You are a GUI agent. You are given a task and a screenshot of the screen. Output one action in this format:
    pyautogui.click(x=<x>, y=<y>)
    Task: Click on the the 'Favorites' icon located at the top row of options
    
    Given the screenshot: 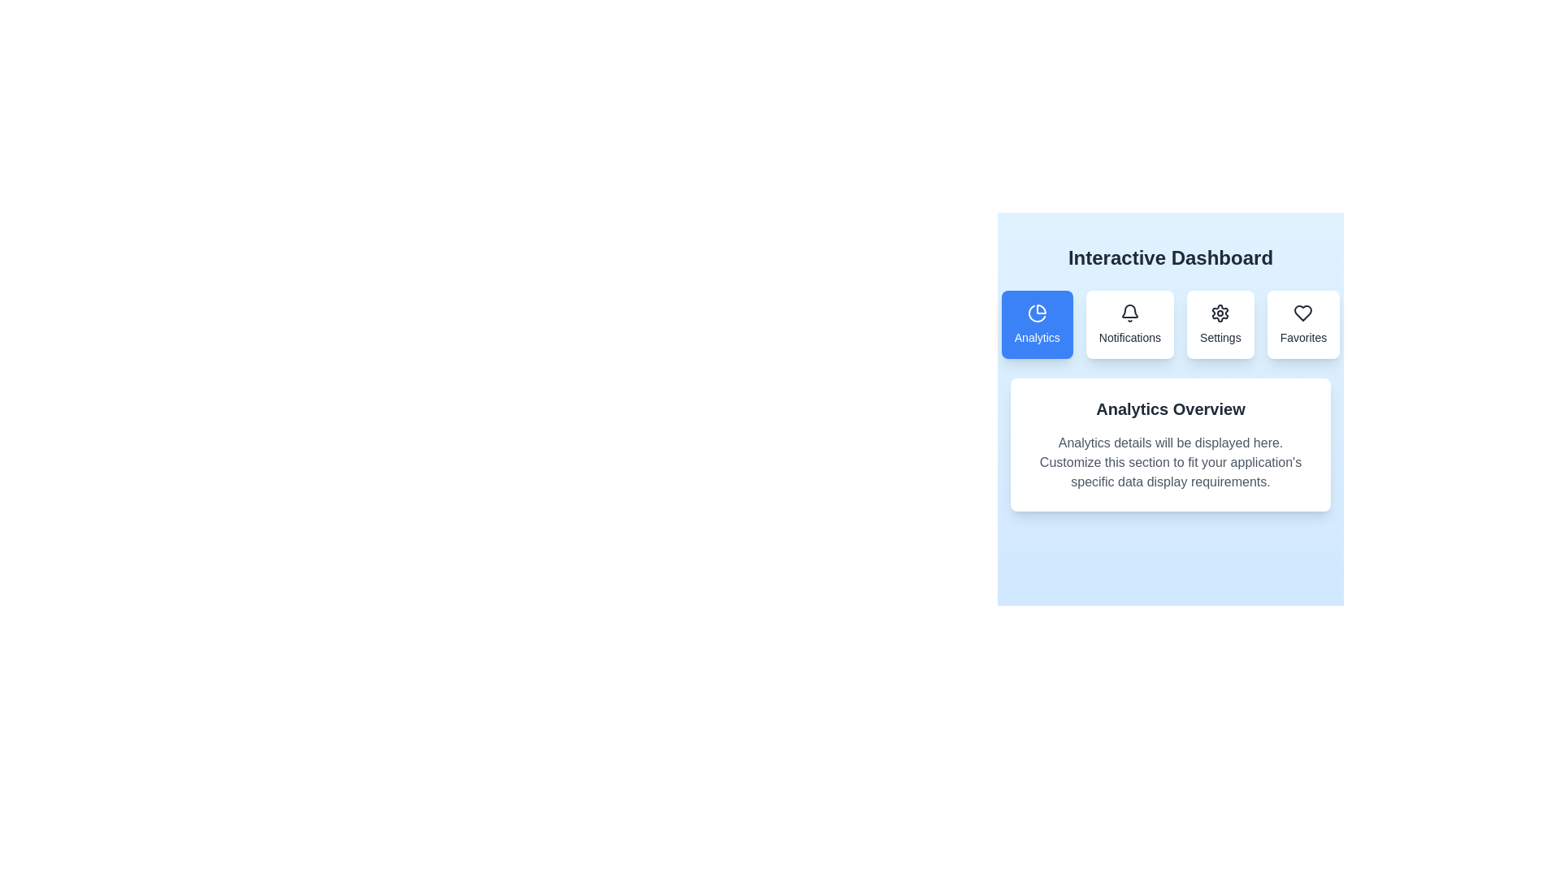 What is the action you would take?
    pyautogui.click(x=1302, y=313)
    